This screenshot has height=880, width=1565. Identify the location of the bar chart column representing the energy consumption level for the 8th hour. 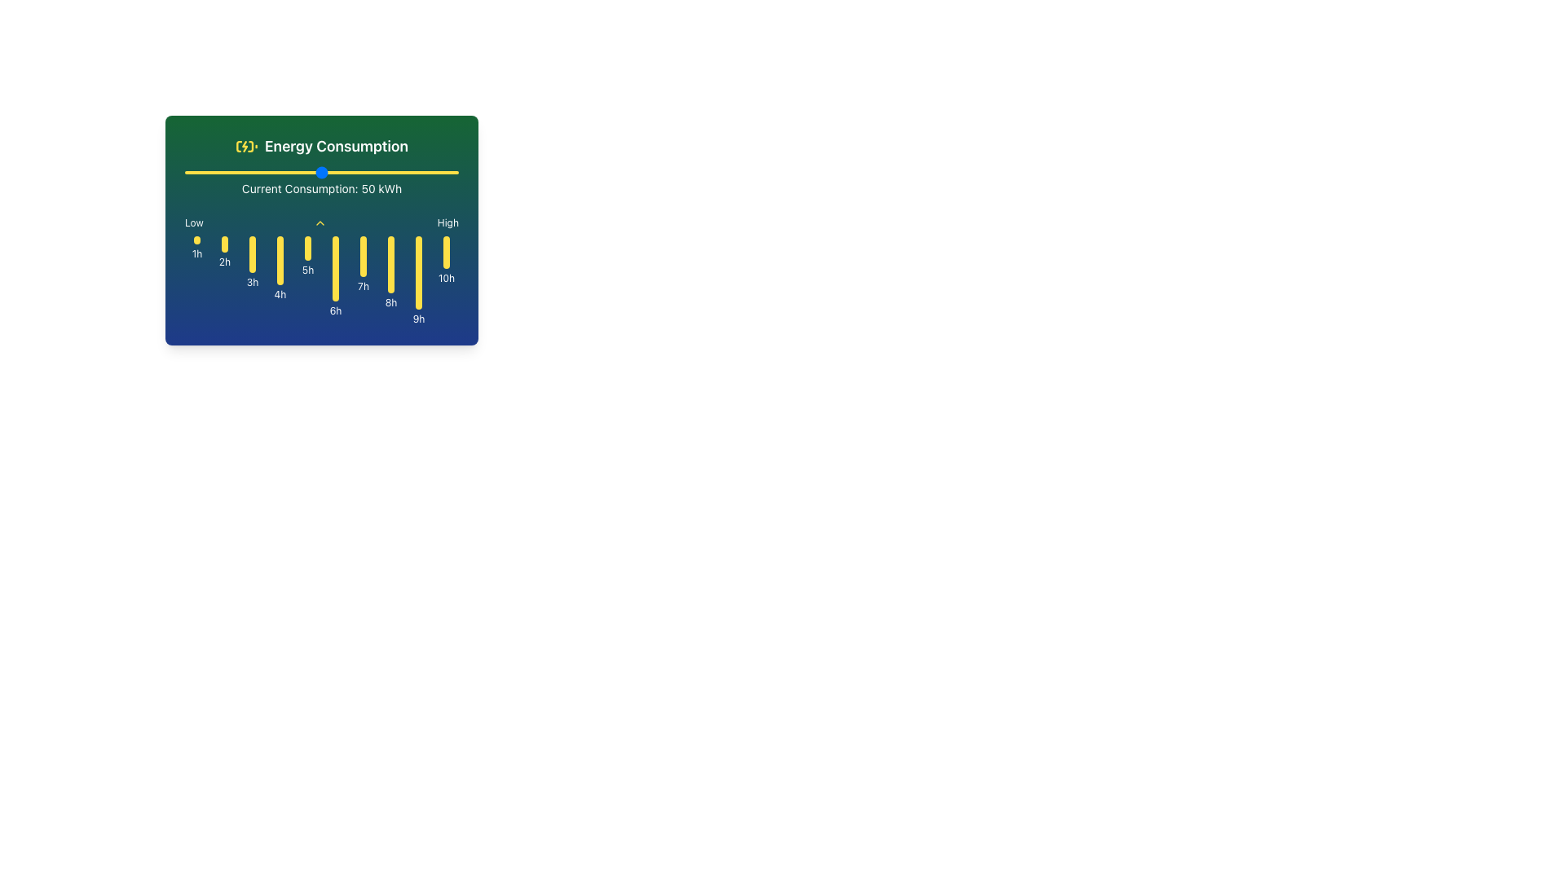
(391, 279).